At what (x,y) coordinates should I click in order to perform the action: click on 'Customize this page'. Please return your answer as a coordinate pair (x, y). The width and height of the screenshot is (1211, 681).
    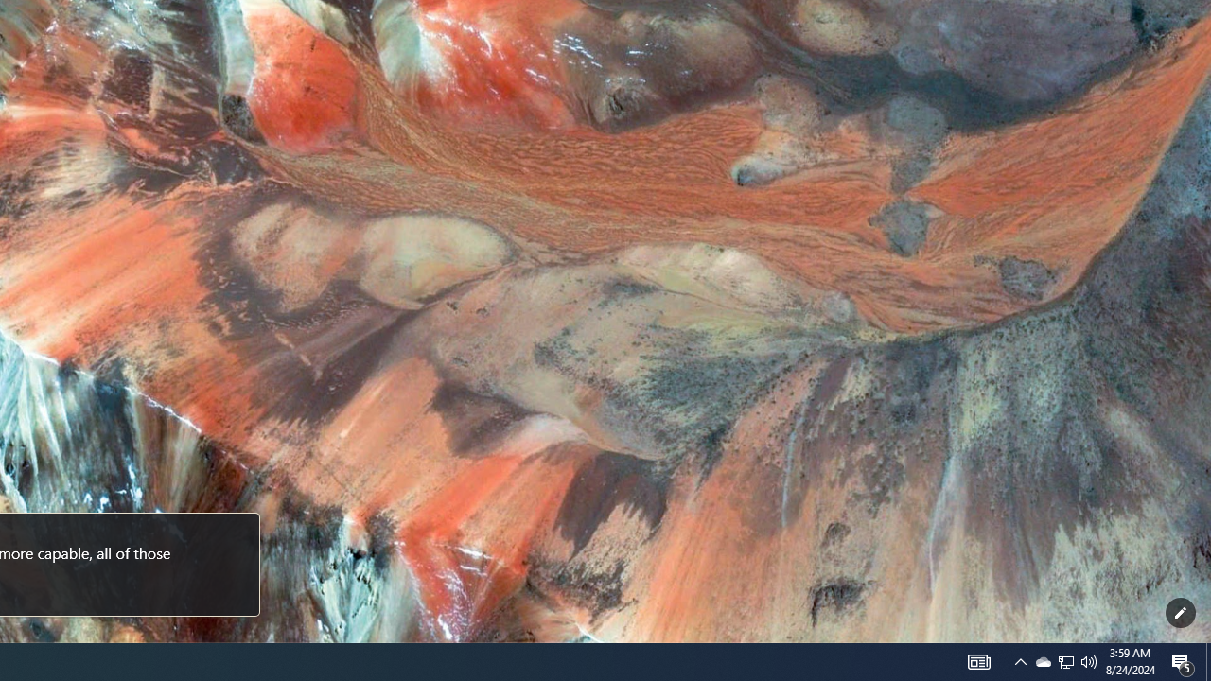
    Looking at the image, I should click on (1180, 613).